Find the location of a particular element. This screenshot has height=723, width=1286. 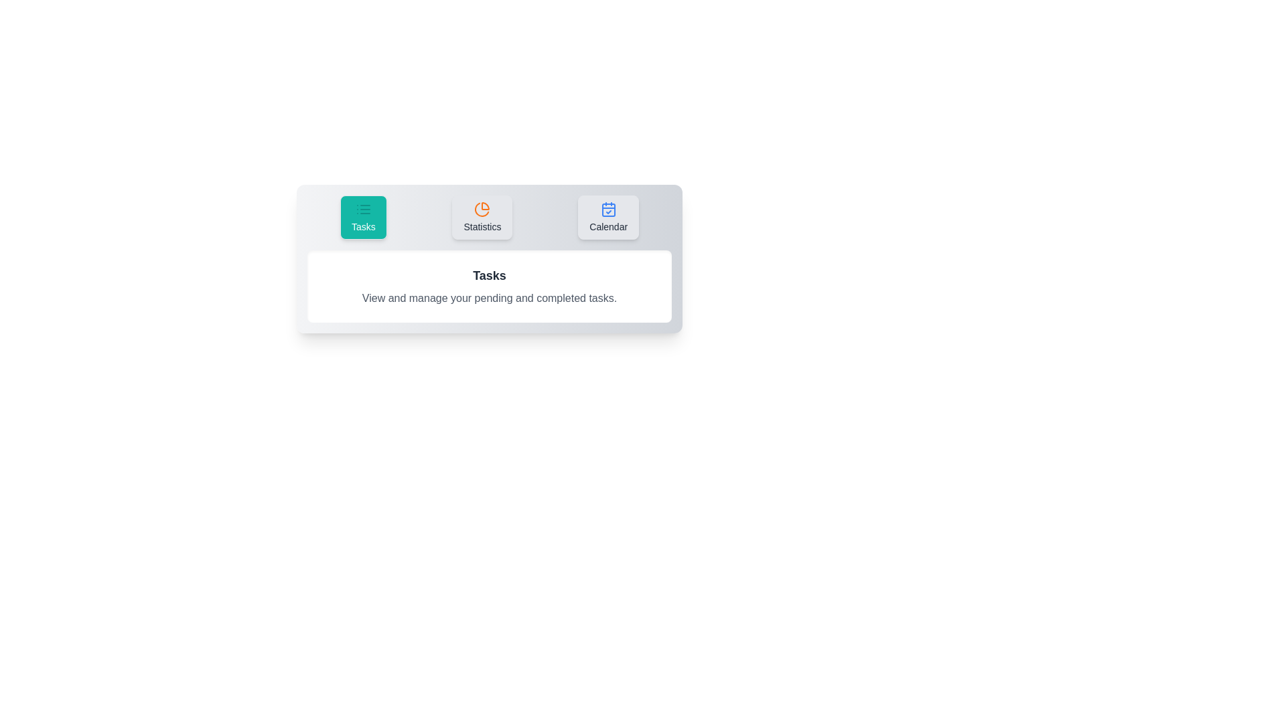

the Calendar tab to view its content is located at coordinates (608, 216).